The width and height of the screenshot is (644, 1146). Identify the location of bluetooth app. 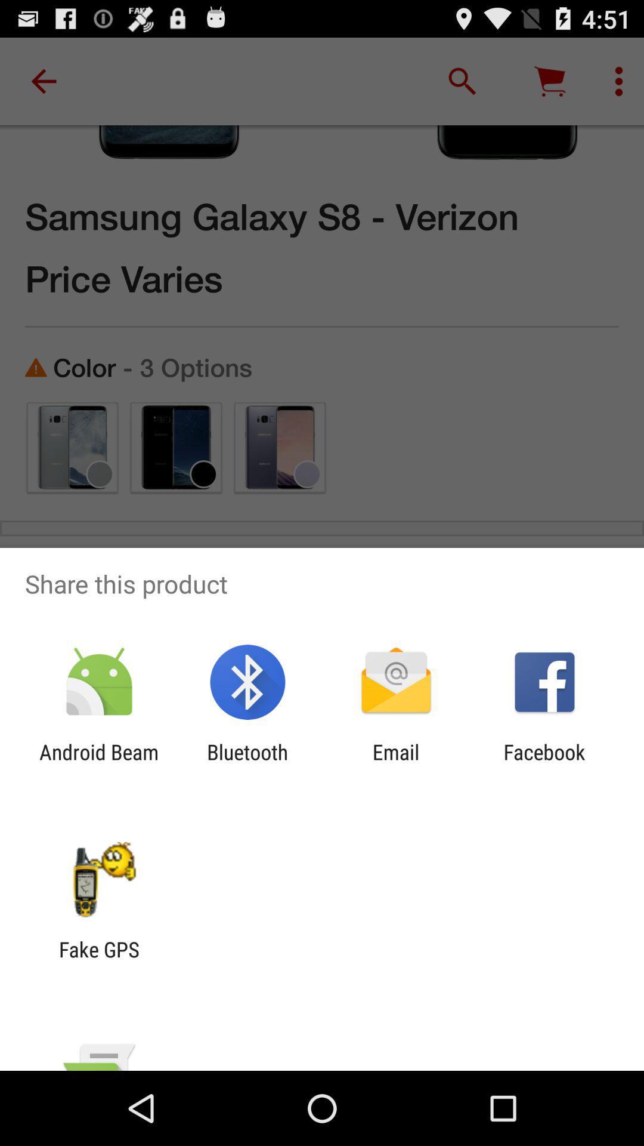
(247, 765).